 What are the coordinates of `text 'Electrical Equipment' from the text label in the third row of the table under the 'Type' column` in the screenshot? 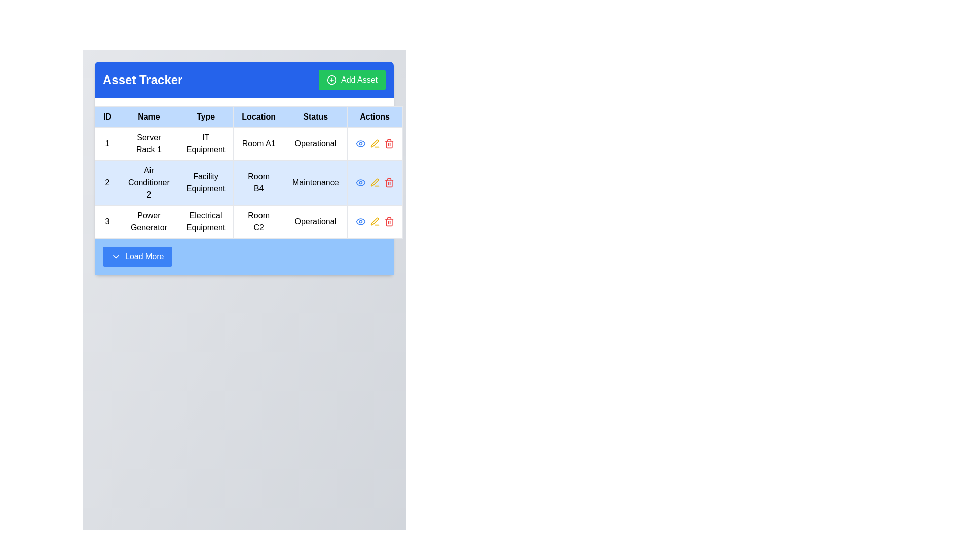 It's located at (205, 221).